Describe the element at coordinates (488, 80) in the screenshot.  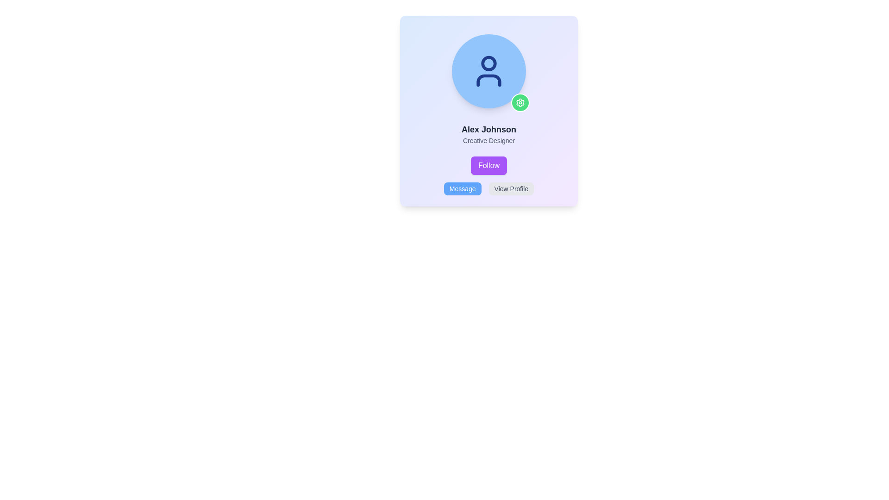
I see `the decorative semi-circular arc element located at the bottom of the user icon graphic` at that location.